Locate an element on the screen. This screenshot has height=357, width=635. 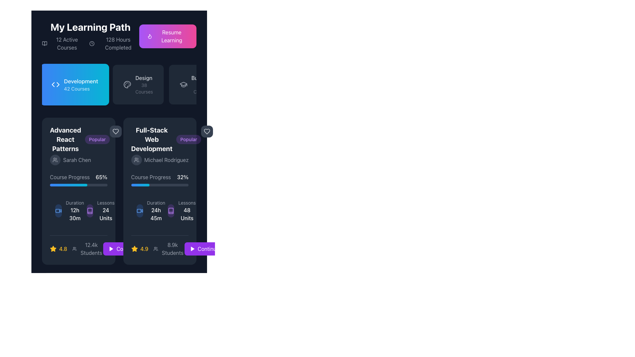
the details of the icon styled within a circular layout, located to the left of the text 'Development 42 Courses' on the card labeled 'Development' is located at coordinates (56, 84).